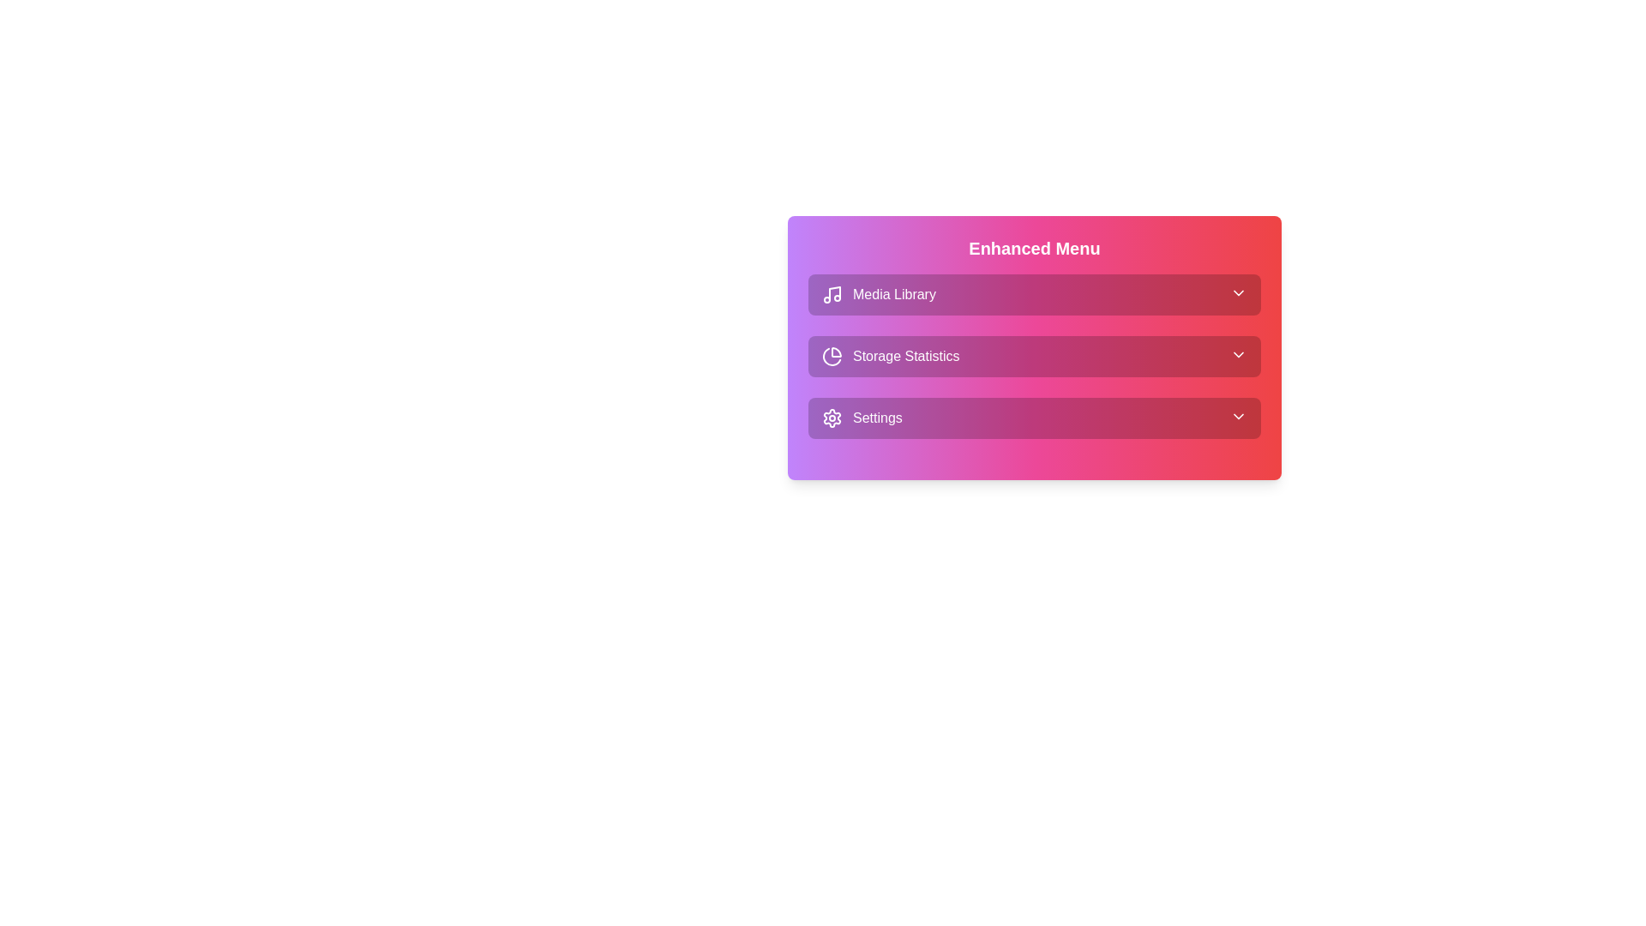 The width and height of the screenshot is (1646, 926). I want to click on the icon representing the 'Storage Statistics' section, which is positioned to the left of the corresponding text in the vertical menu layout, so click(832, 356).